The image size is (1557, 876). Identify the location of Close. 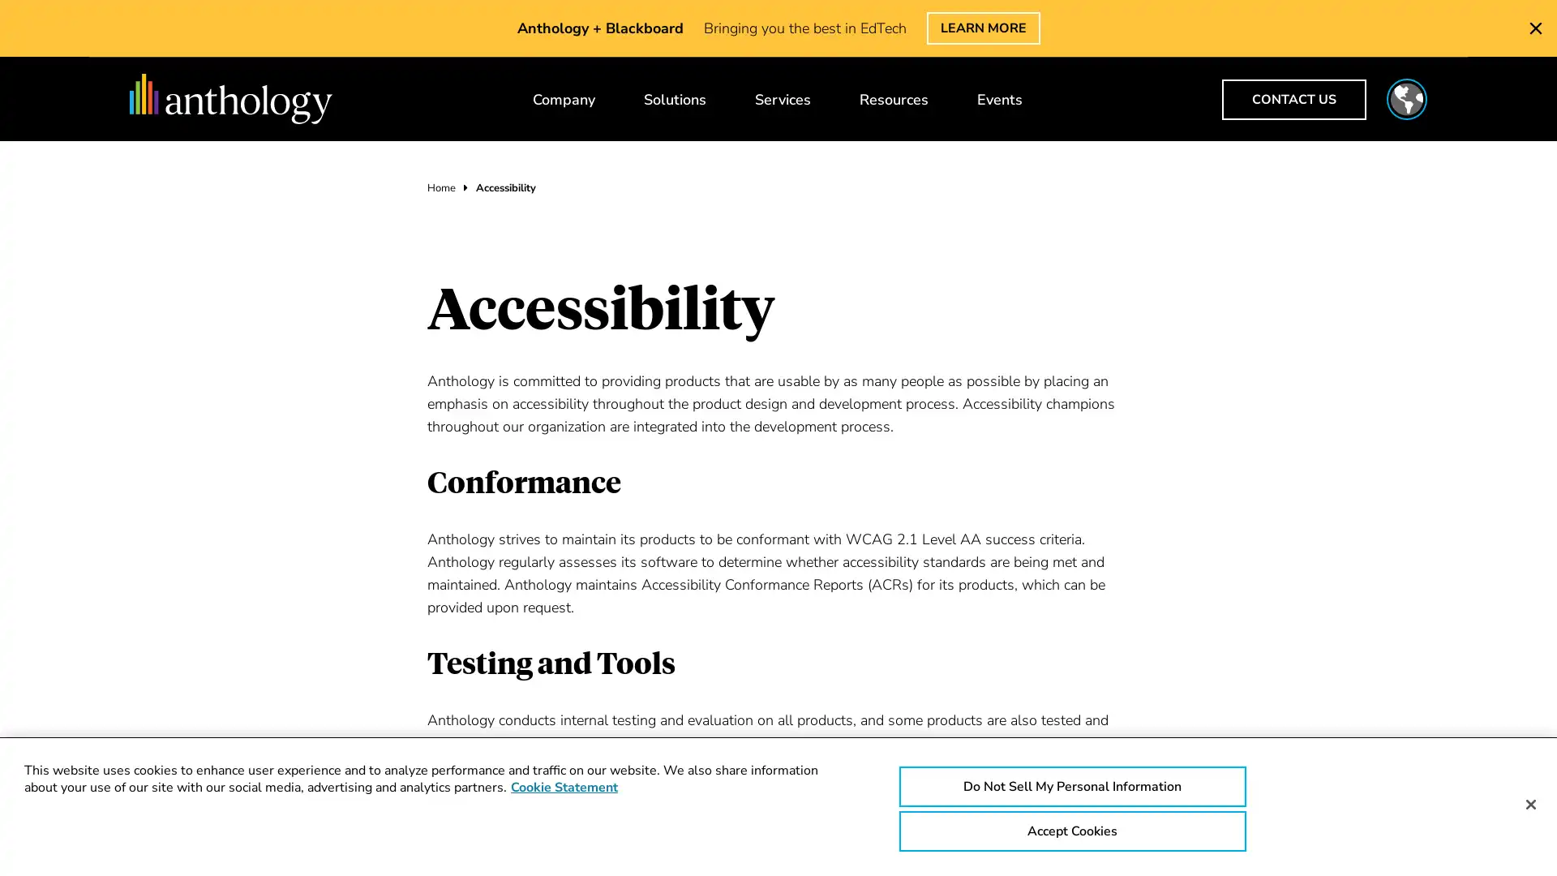
(1529, 804).